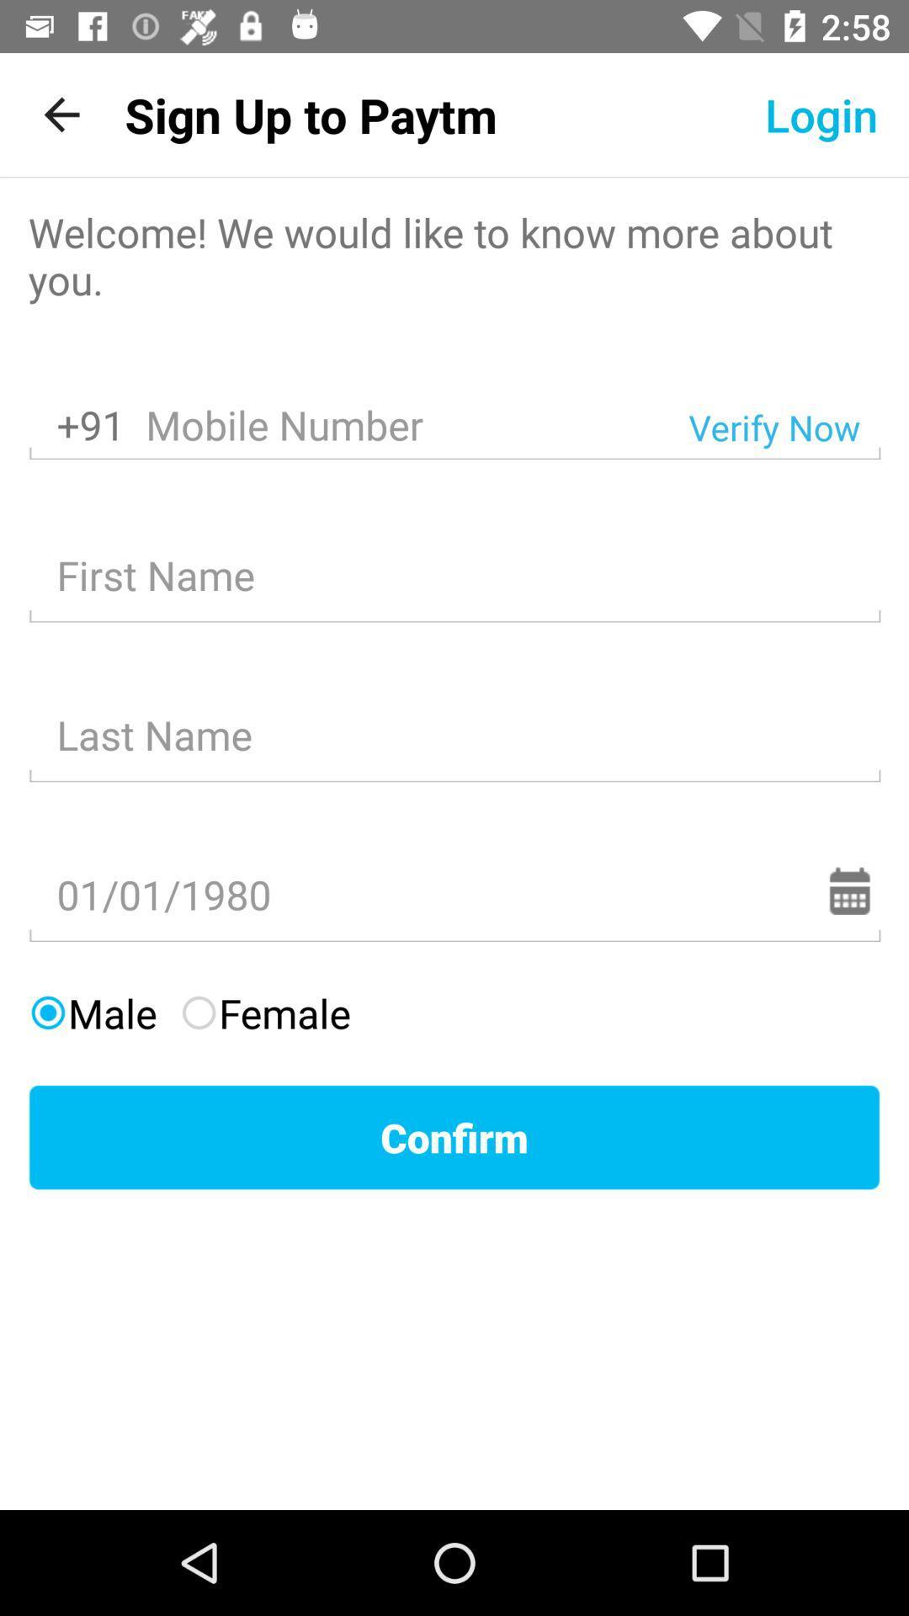  What do you see at coordinates (311, 114) in the screenshot?
I see `app next to the login item` at bounding box center [311, 114].